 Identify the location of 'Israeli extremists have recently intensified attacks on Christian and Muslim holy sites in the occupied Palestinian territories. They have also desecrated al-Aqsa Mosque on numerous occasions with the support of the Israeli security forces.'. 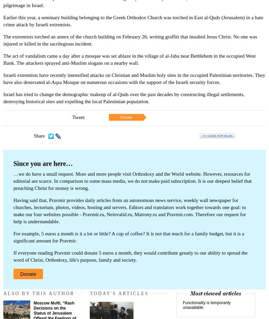
(133, 79).